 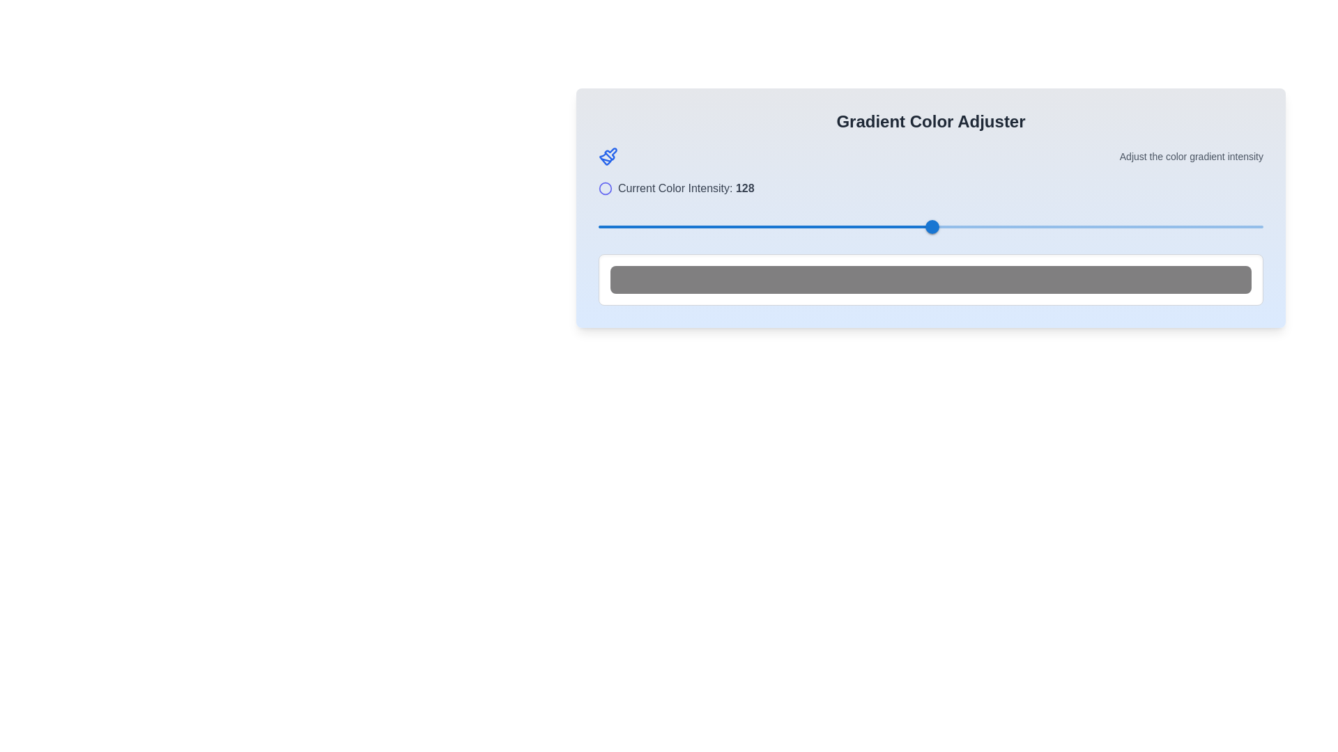 I want to click on the gradient color intensity, so click(x=859, y=226).